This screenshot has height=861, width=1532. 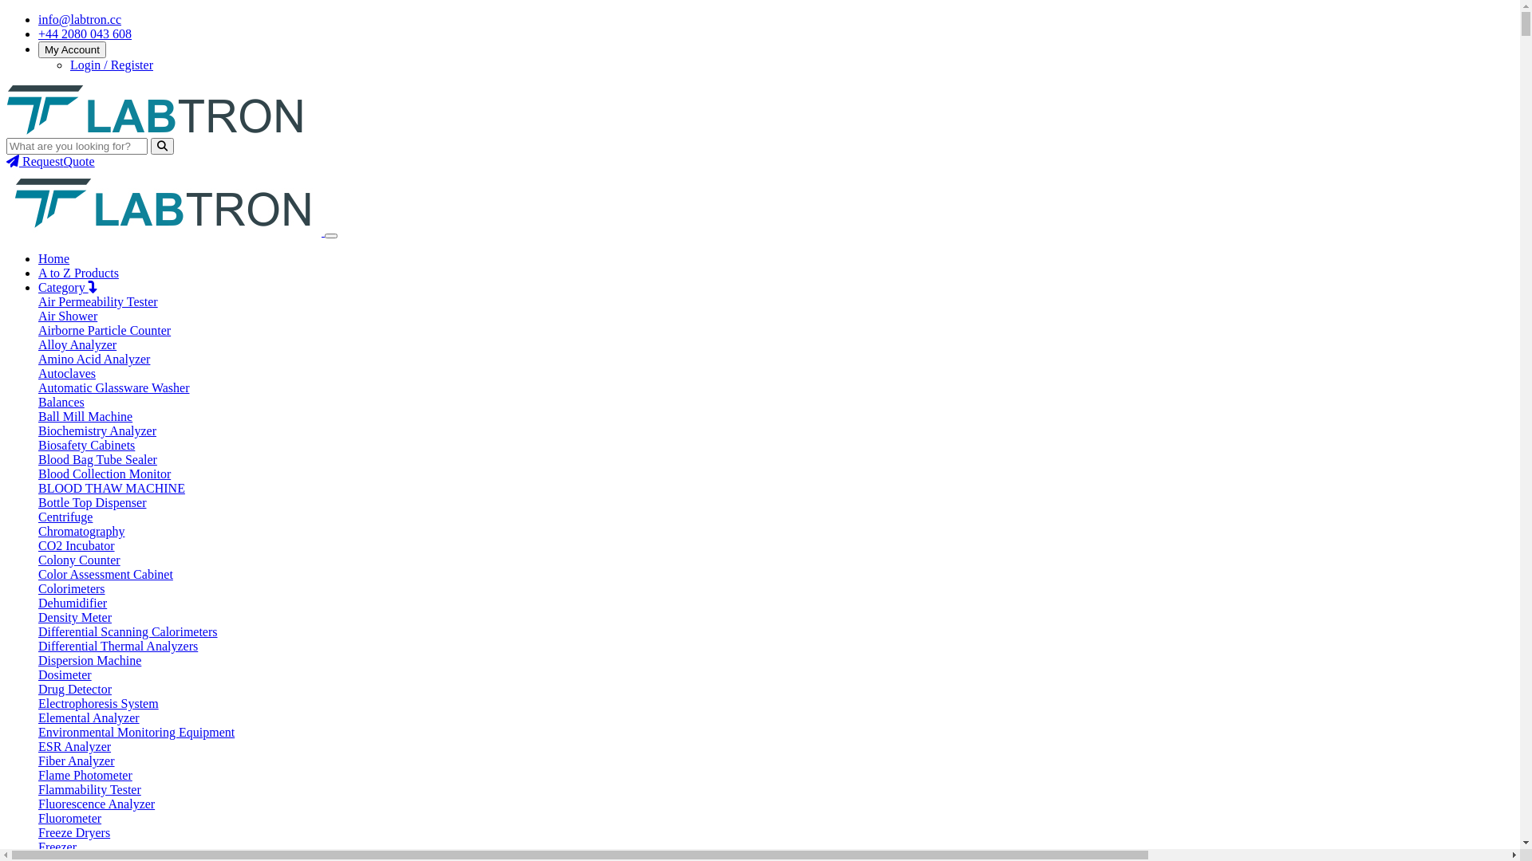 I want to click on 'Category', so click(x=67, y=287).